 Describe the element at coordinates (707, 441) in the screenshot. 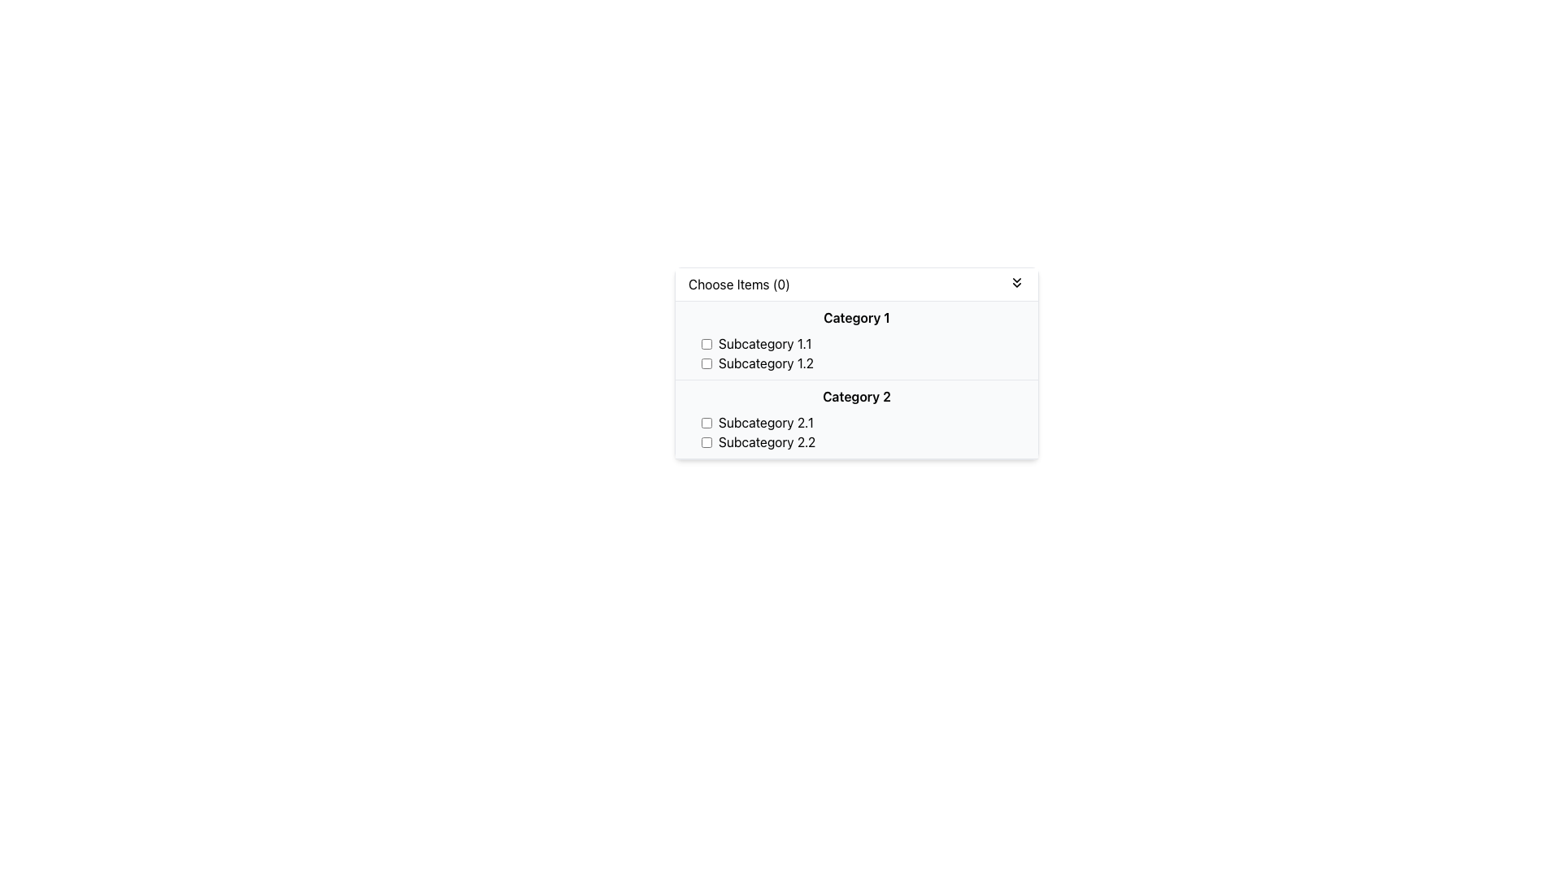

I see `the small, square checkbox located to the left of the text 'Subcategory 2.2' within the dropdown-style interface` at that location.